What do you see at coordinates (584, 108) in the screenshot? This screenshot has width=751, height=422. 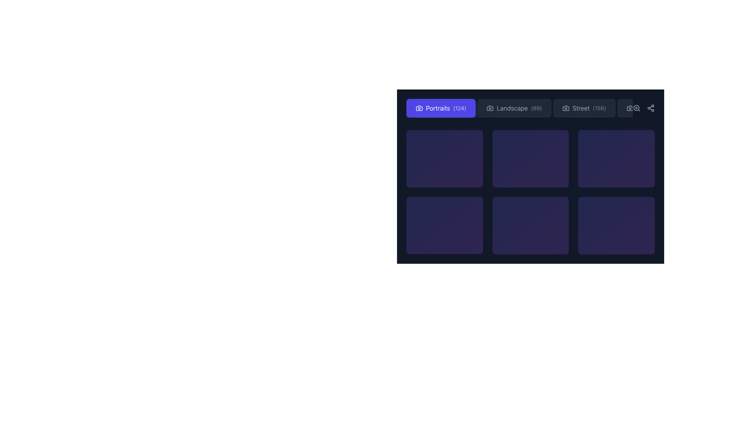 I see `the 'Street' category button, which is the third button in the horizontal list of category buttons at the top-right side of the interface` at bounding box center [584, 108].